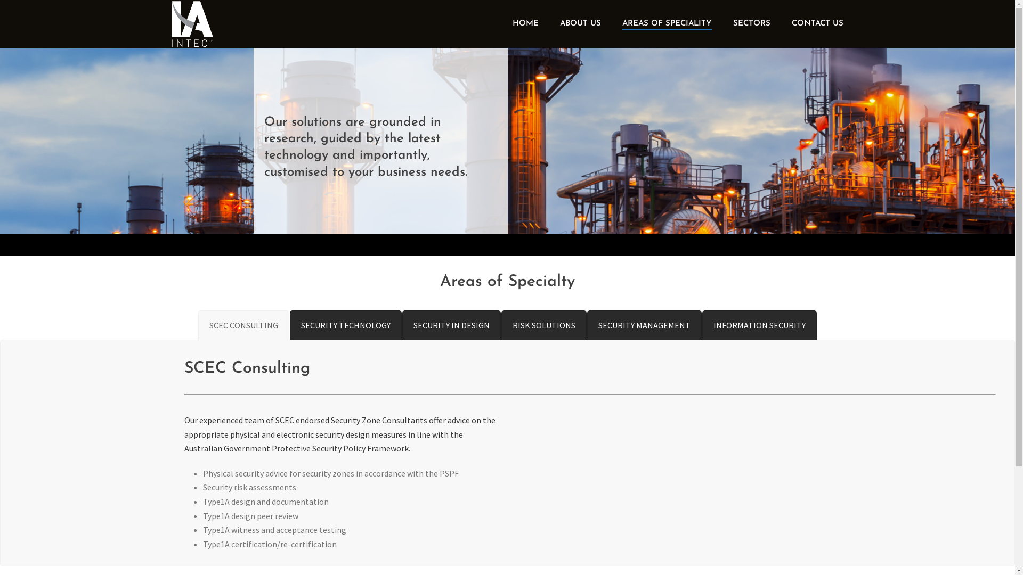 The height and width of the screenshot is (575, 1023). What do you see at coordinates (544, 325) in the screenshot?
I see `'RISK SOLUTIONS'` at bounding box center [544, 325].